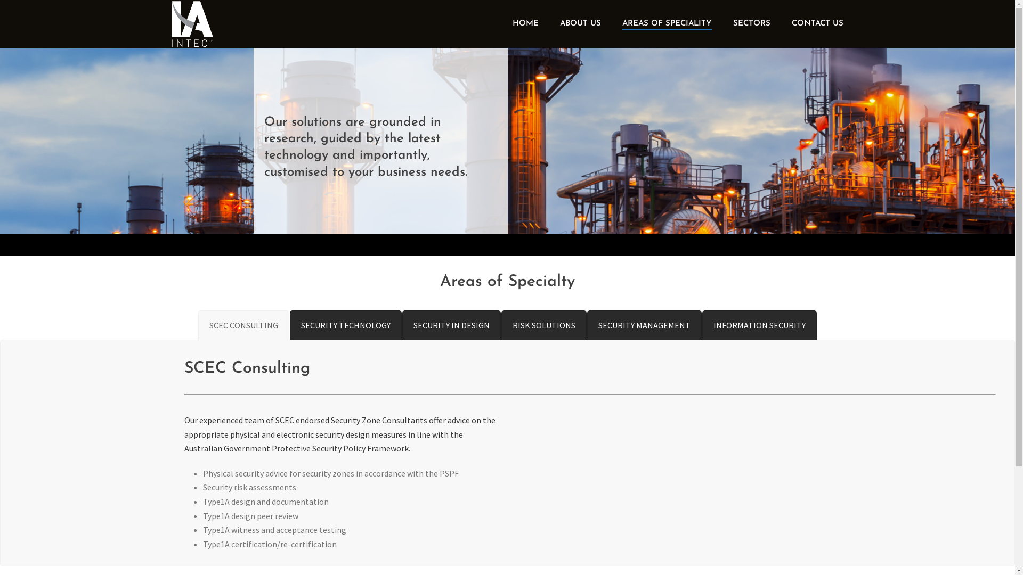 The height and width of the screenshot is (575, 1023). What do you see at coordinates (544, 325) in the screenshot?
I see `'RISK SOLUTIONS'` at bounding box center [544, 325].